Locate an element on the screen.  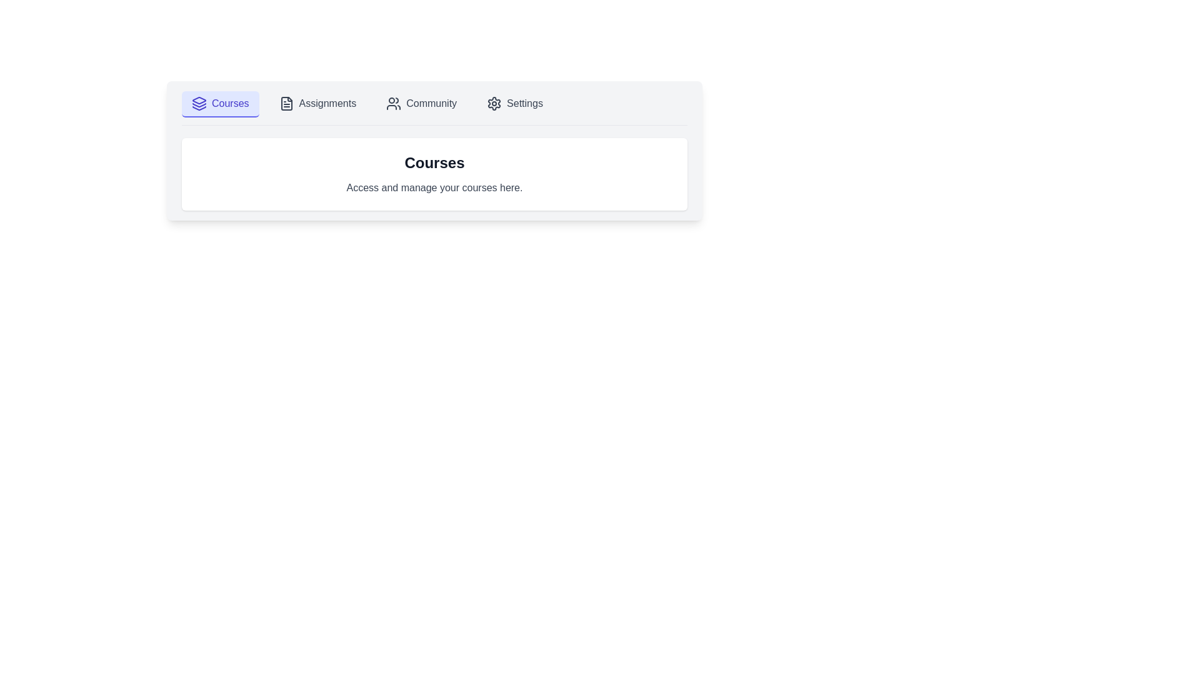
the 'Courses' text label in the navigation menu, which directs users to the courses section is located at coordinates (230, 102).